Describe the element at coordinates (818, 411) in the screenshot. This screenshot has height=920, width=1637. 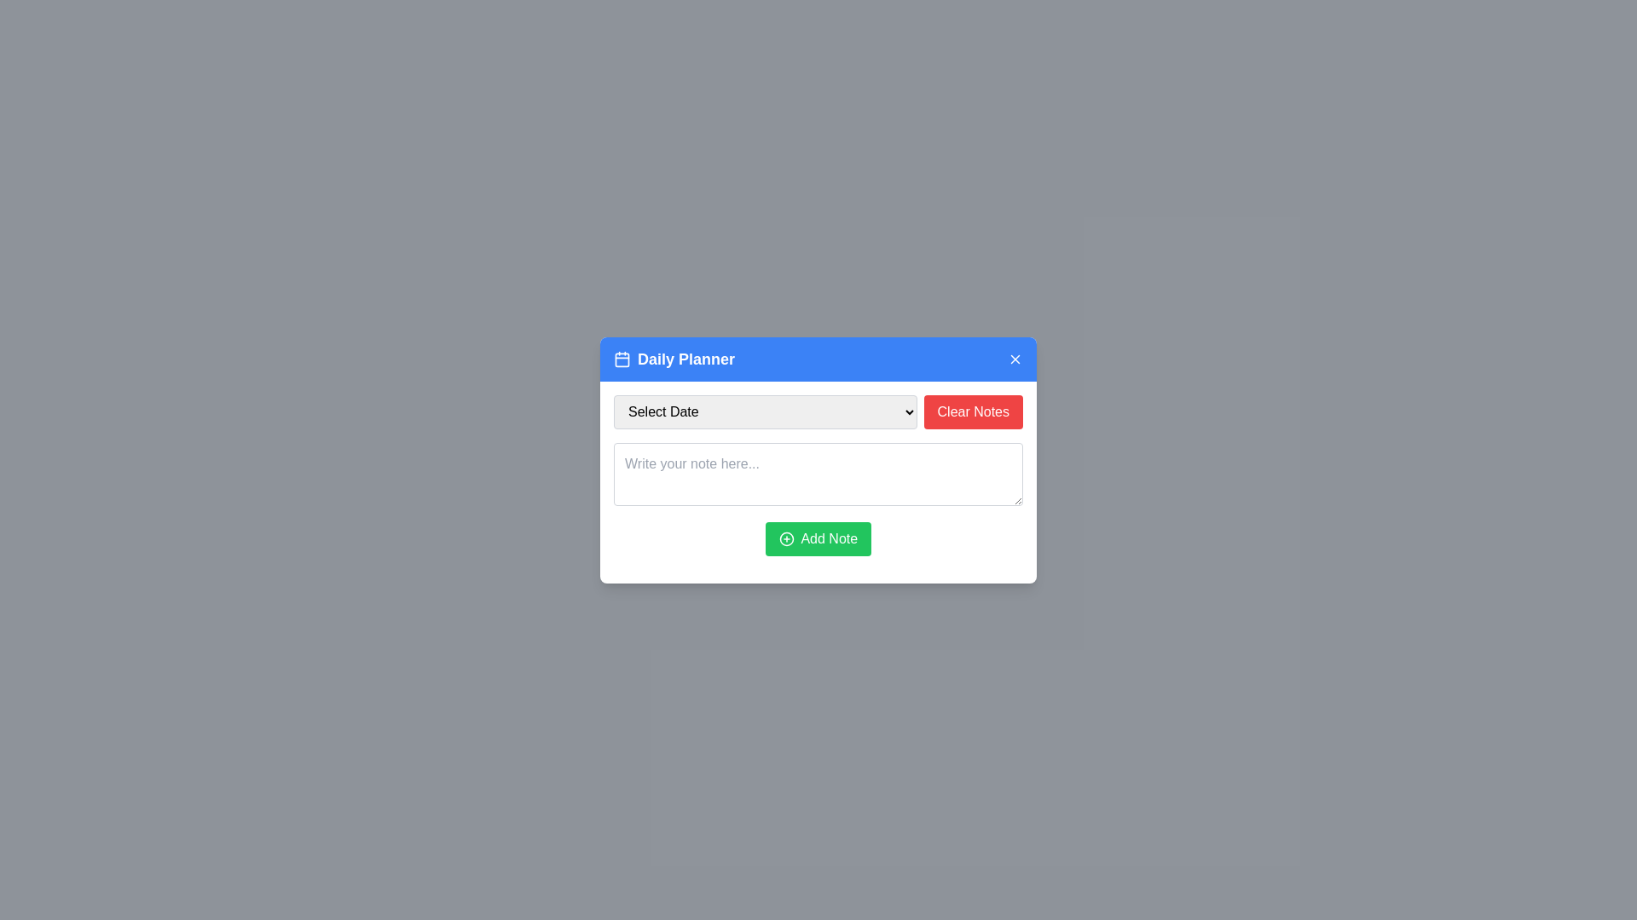
I see `a date from the dropdown menu labeled 'Select Date' located on the top row of the 'Daily Planner' modal interface, to the left of the 'Clear Notes' button` at that location.